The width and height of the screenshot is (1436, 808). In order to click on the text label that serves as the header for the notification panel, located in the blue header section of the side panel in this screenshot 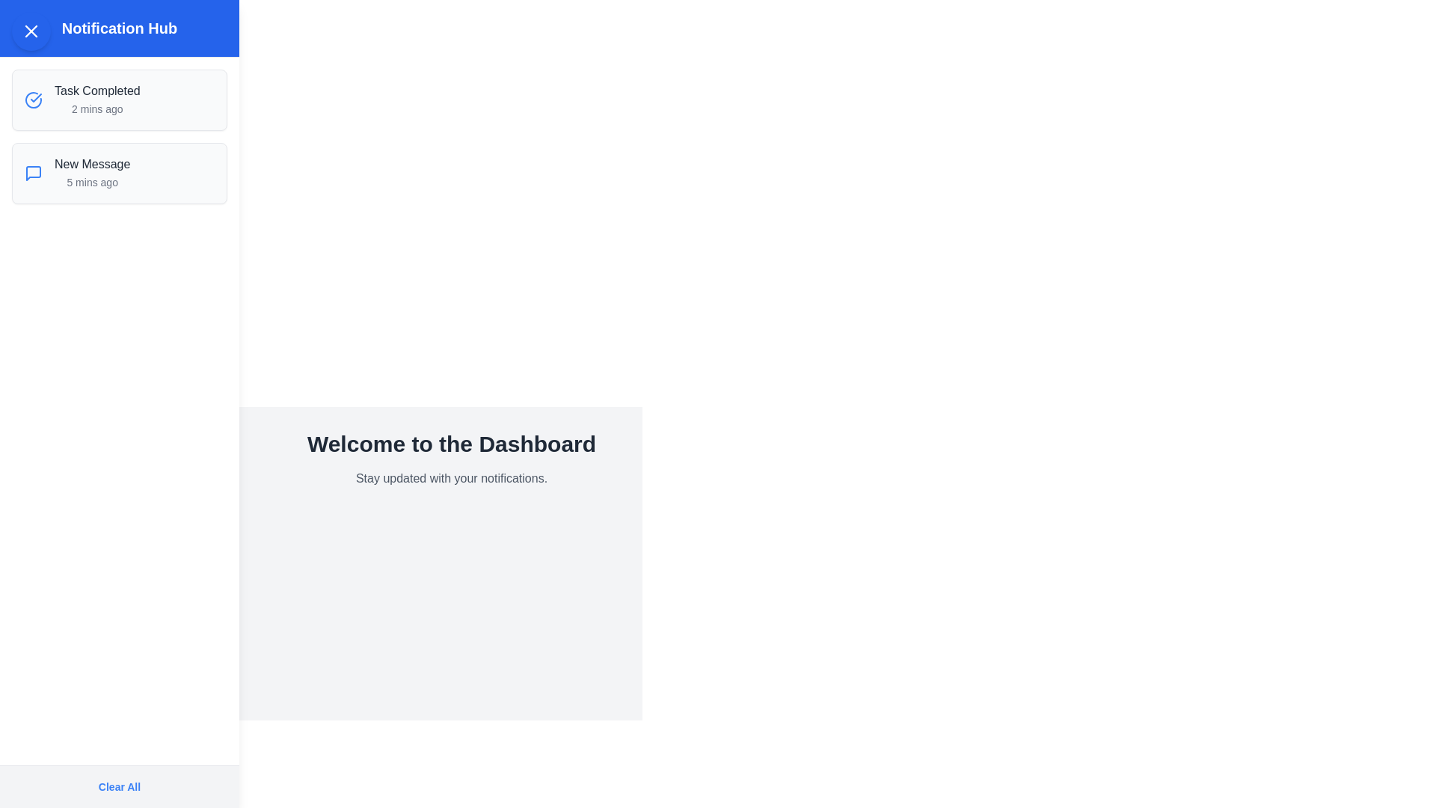, I will do `click(118, 28)`.